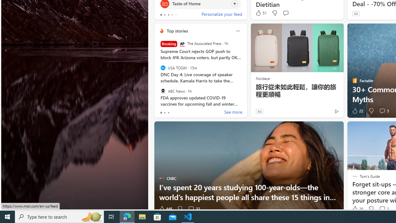  I want to click on 'tab-1', so click(165, 112).